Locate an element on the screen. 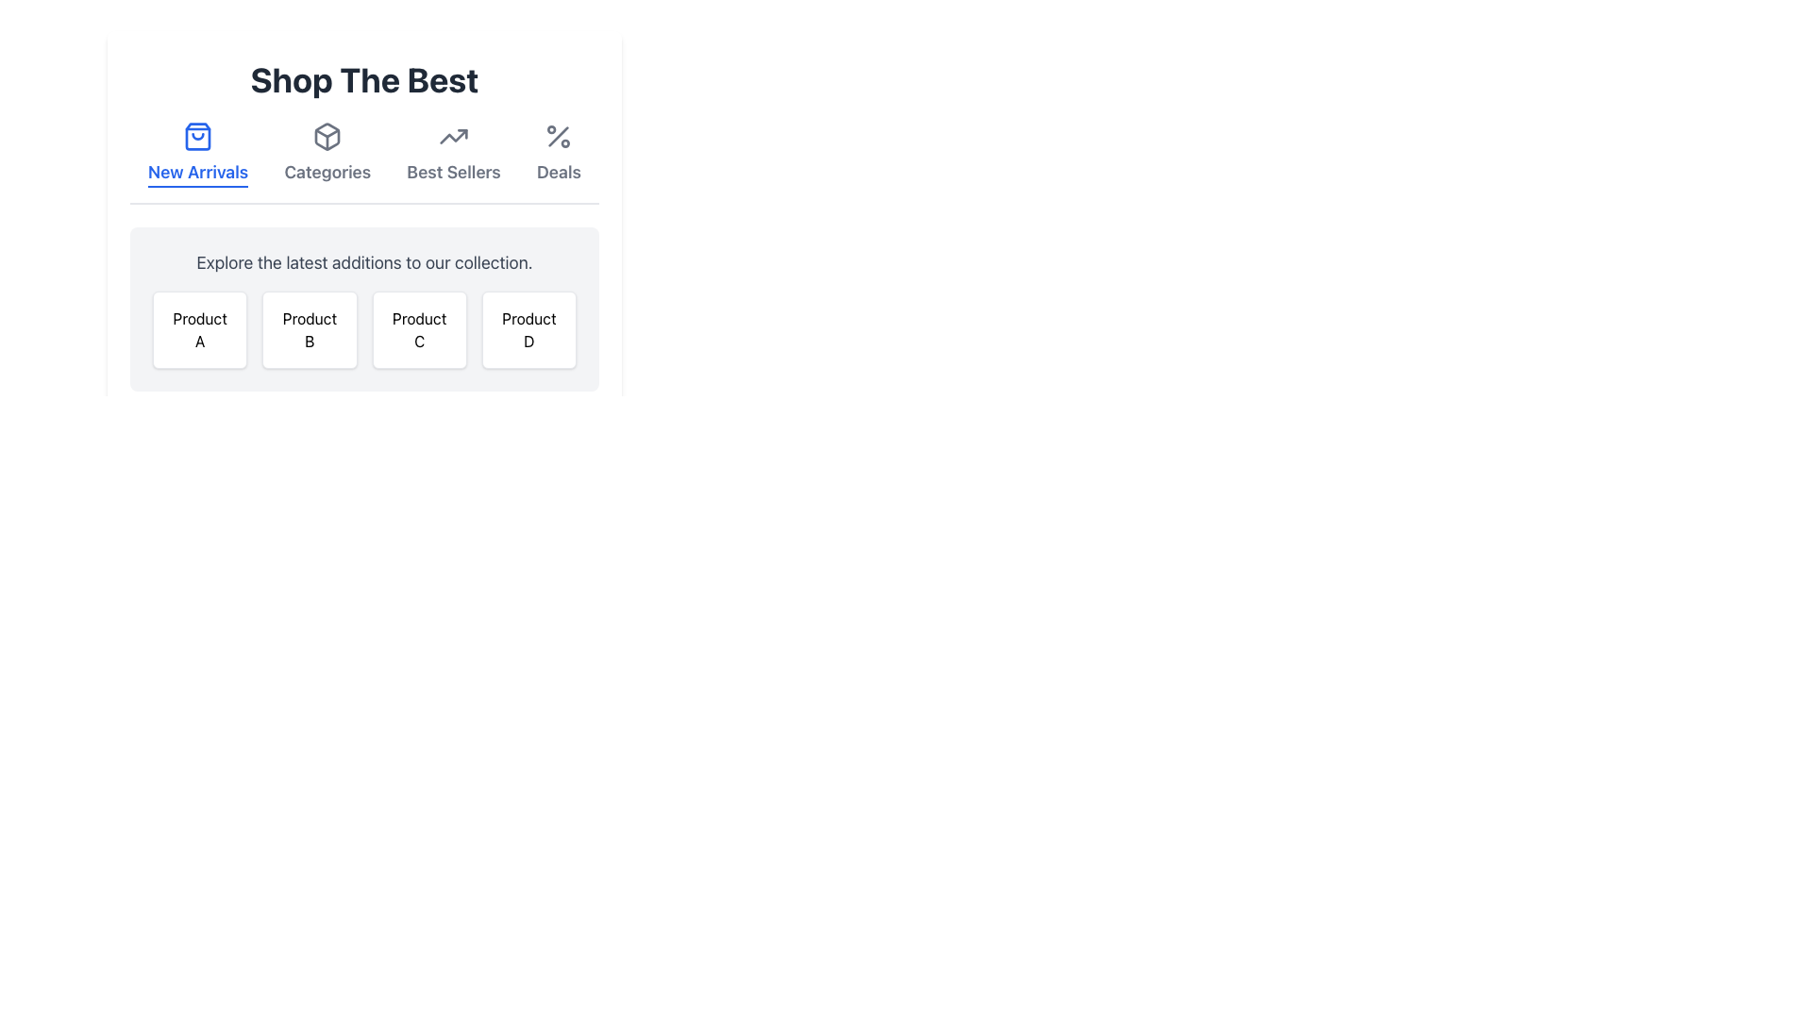 This screenshot has width=1812, height=1019. the static text label that introduces the product cards, located in a gray-background box above the grid layout of Product A, B, C, and D is located at coordinates (364, 262).